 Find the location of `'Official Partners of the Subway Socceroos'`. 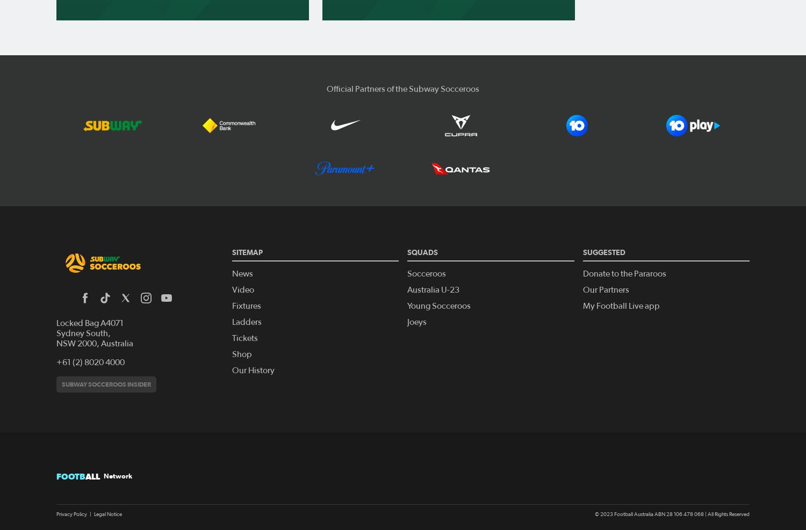

'Official Partners of the Subway Socceroos' is located at coordinates (403, 88).